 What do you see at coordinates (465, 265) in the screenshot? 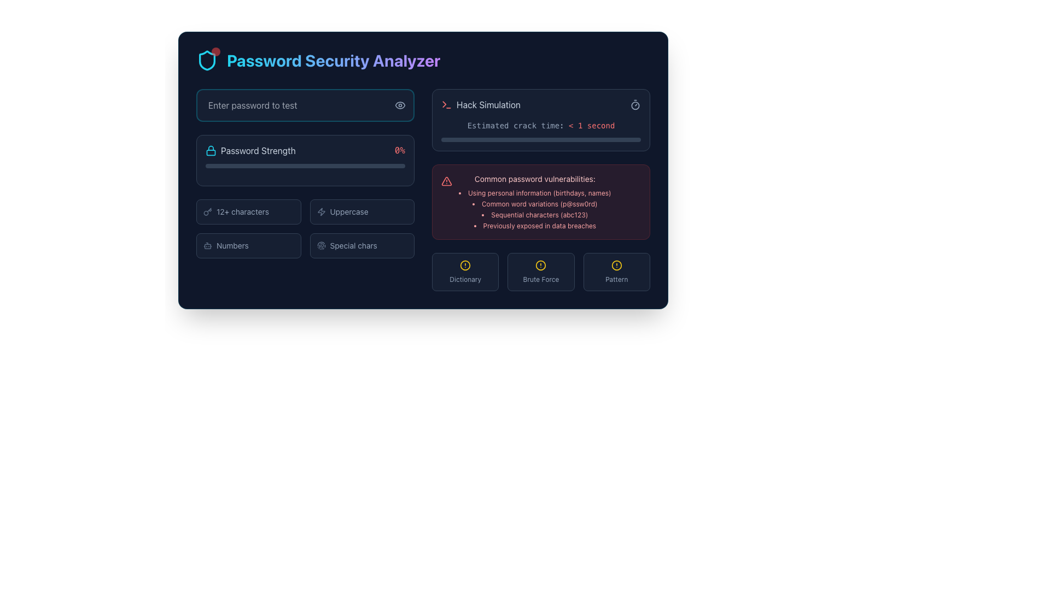
I see `the yellow circular visual decoration inside the 'Dictionary' attack vector module, which is part of a warning icon` at bounding box center [465, 265].